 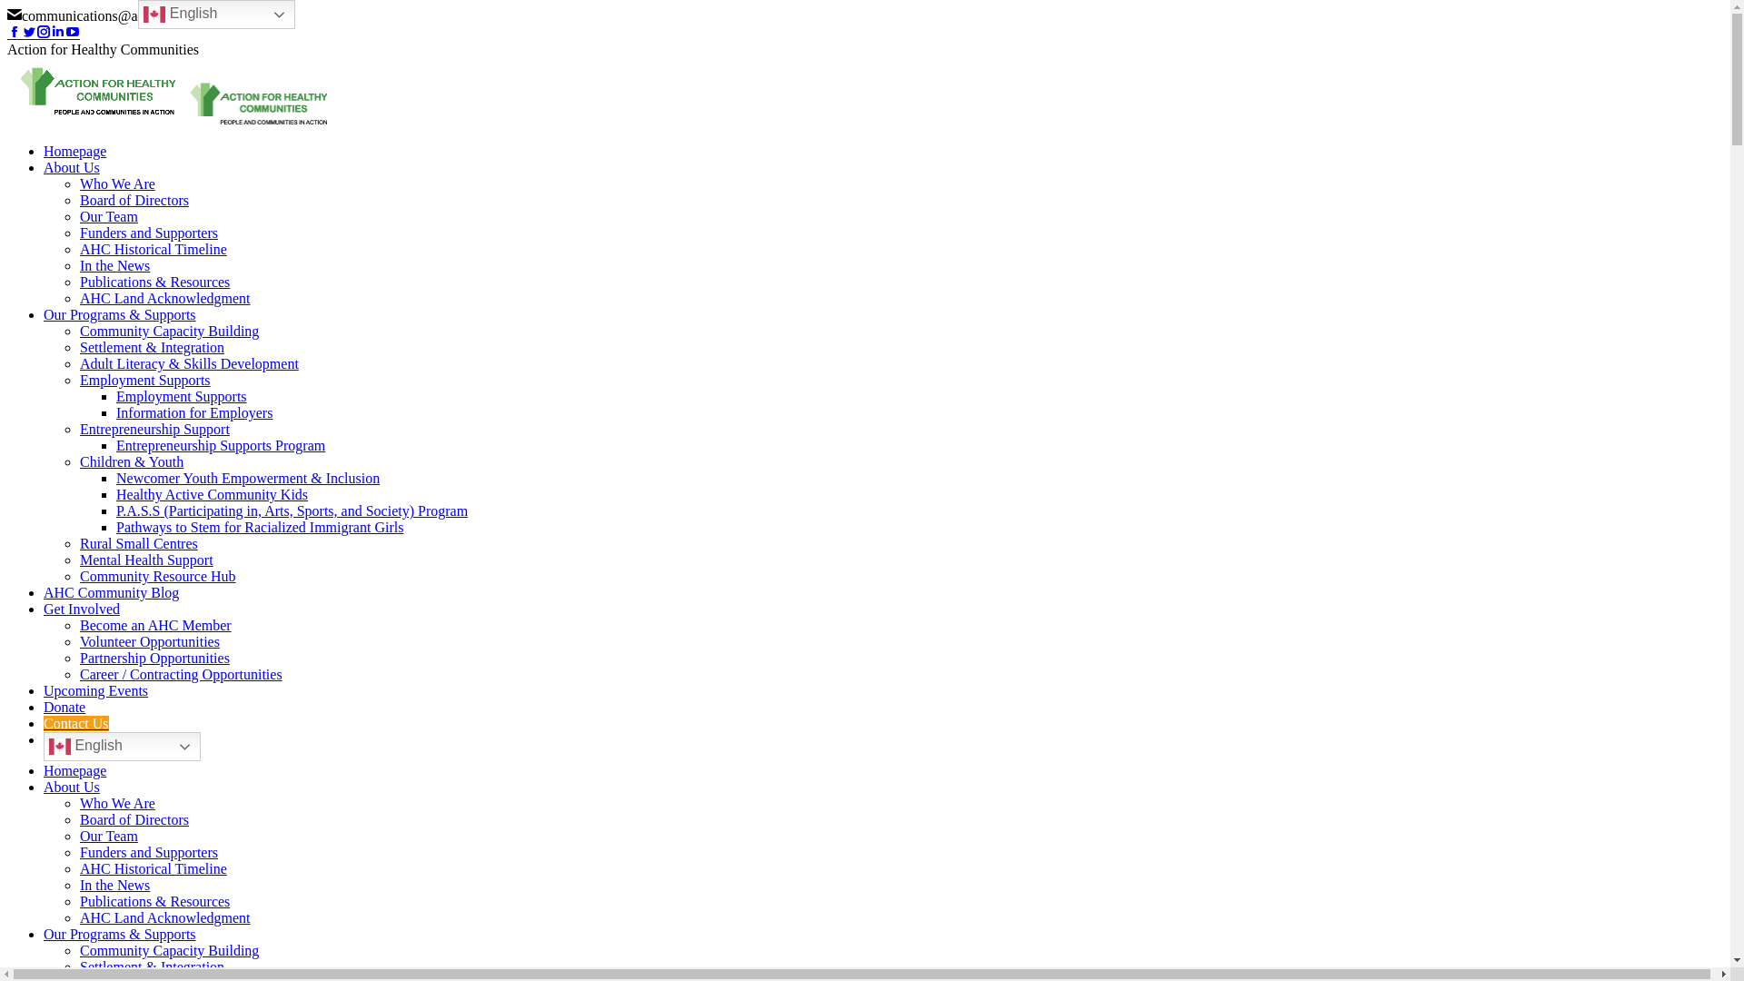 What do you see at coordinates (44, 786) in the screenshot?
I see `'About Us'` at bounding box center [44, 786].